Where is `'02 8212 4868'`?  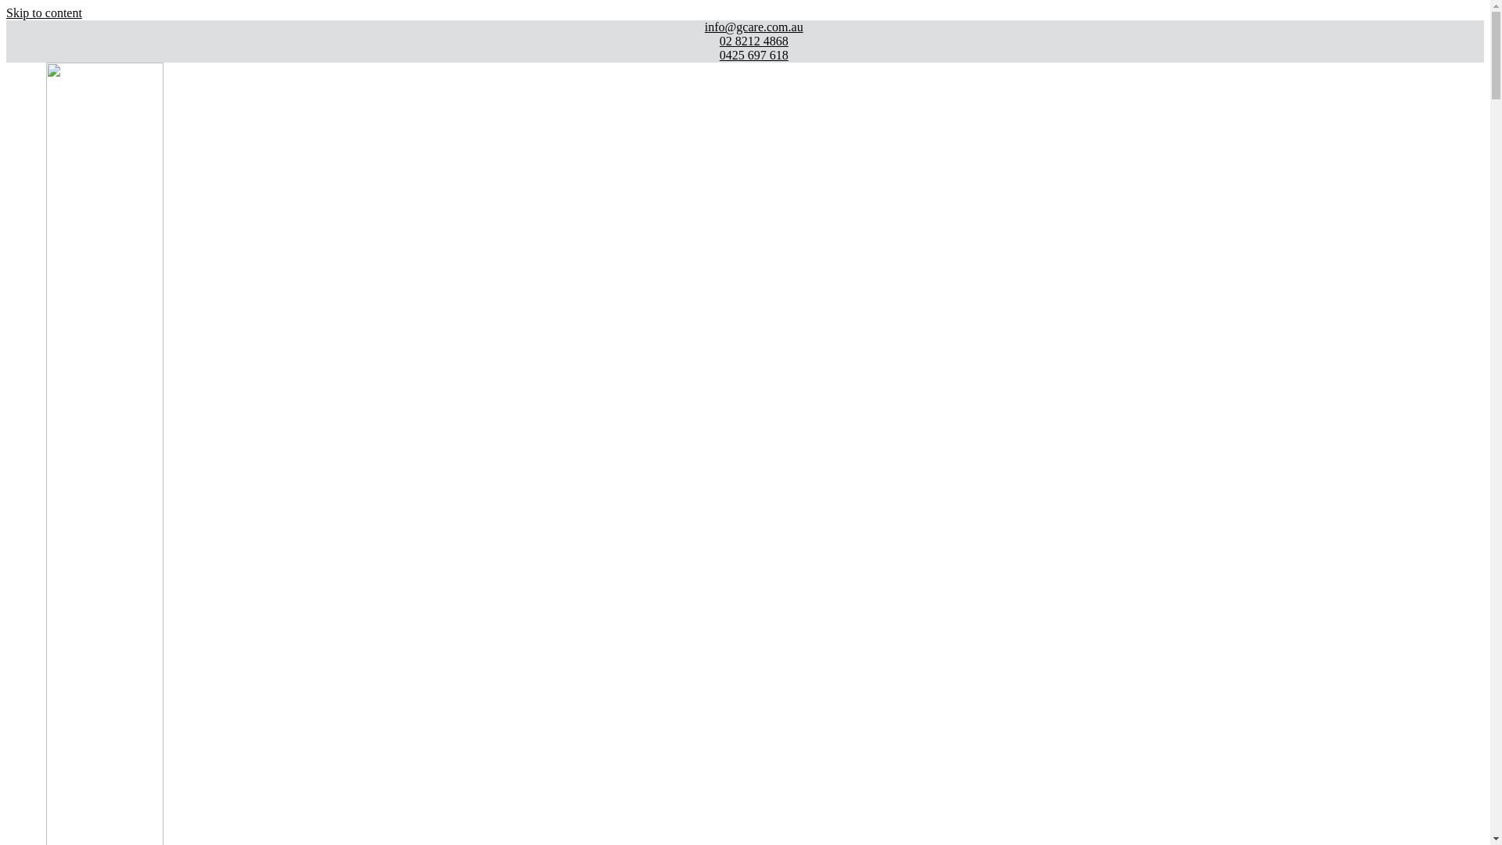
'02 8212 4868' is located at coordinates (744, 41).